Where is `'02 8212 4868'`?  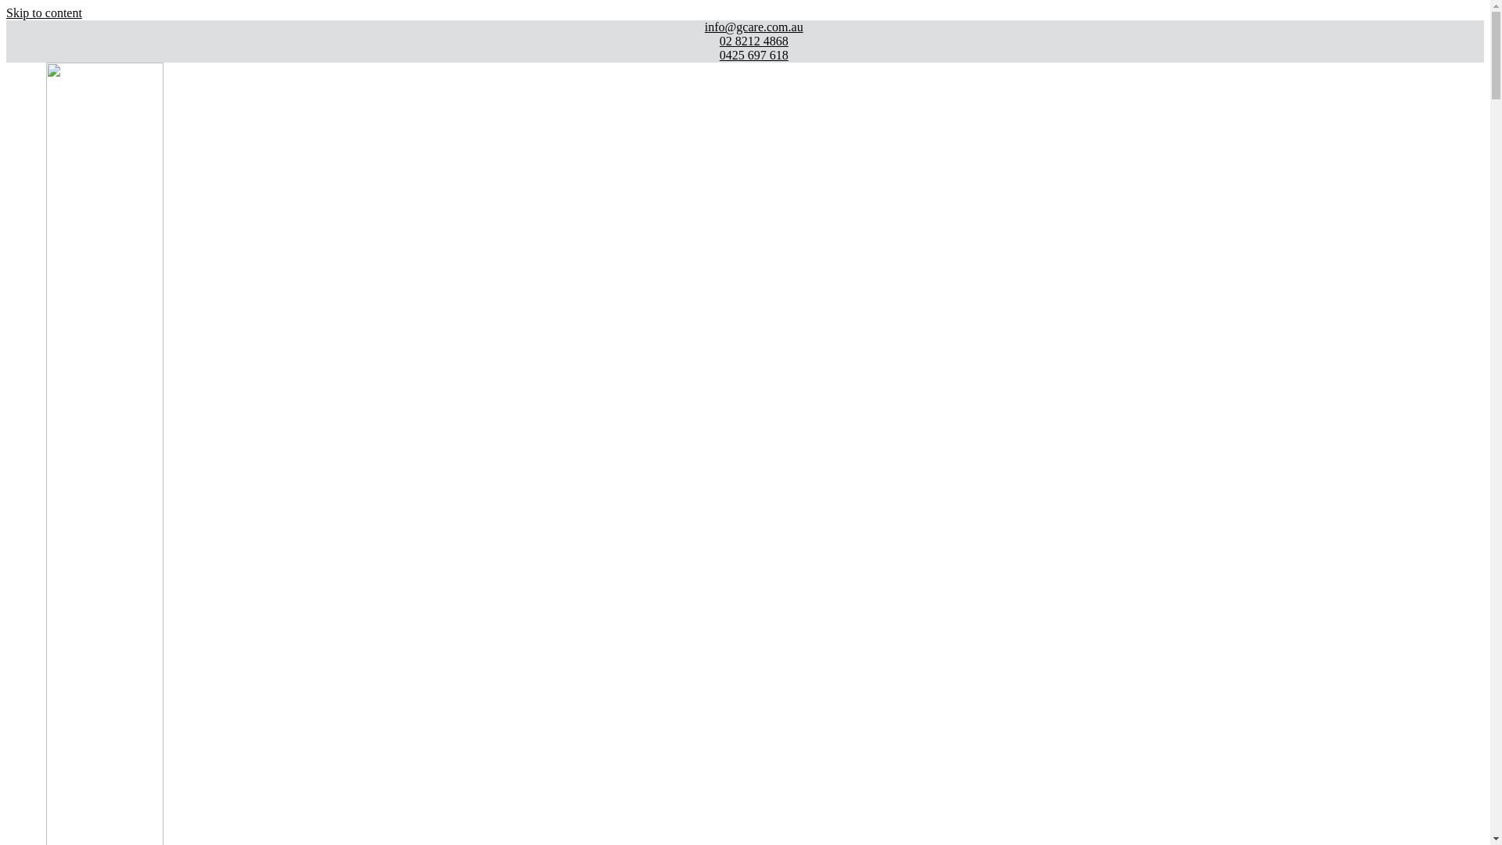
'02 8212 4868' is located at coordinates (744, 41).